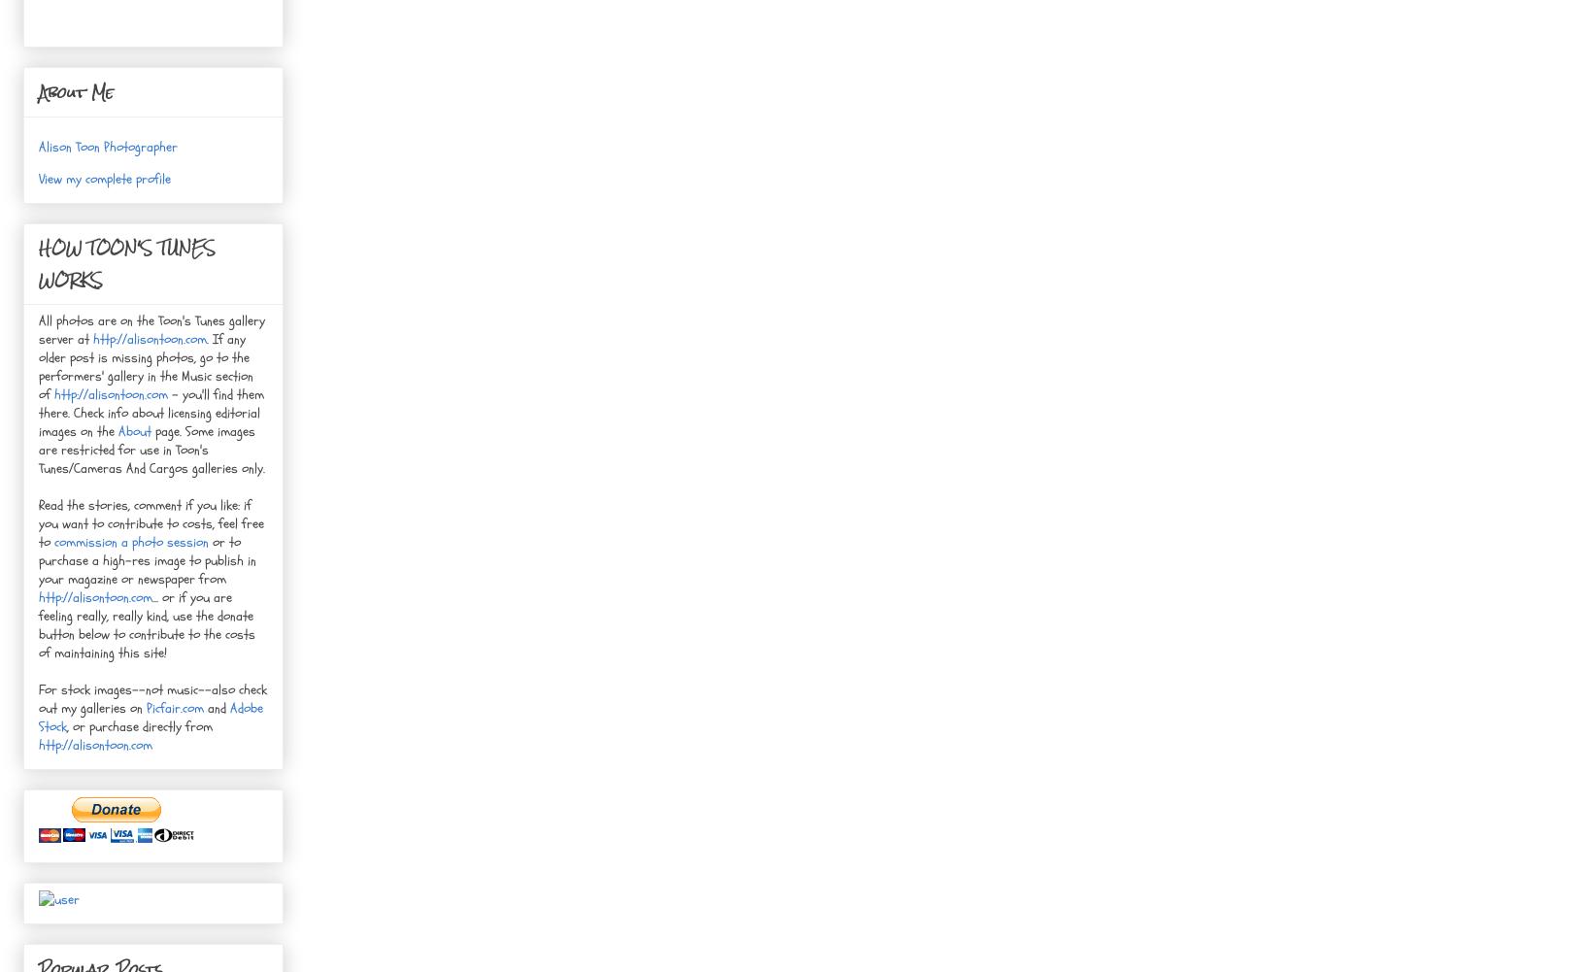  I want to click on 'Read the stories, comment if you like: if you want to contribute to costs, feel free to', so click(151, 522).